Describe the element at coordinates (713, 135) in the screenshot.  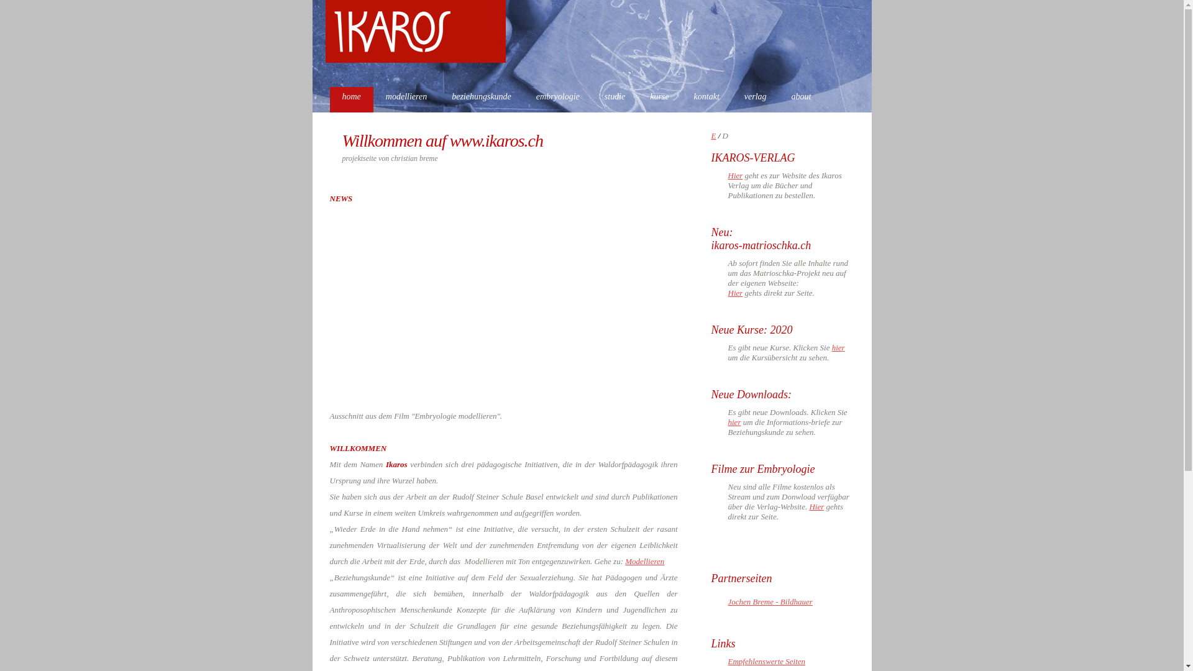
I see `'E'` at that location.